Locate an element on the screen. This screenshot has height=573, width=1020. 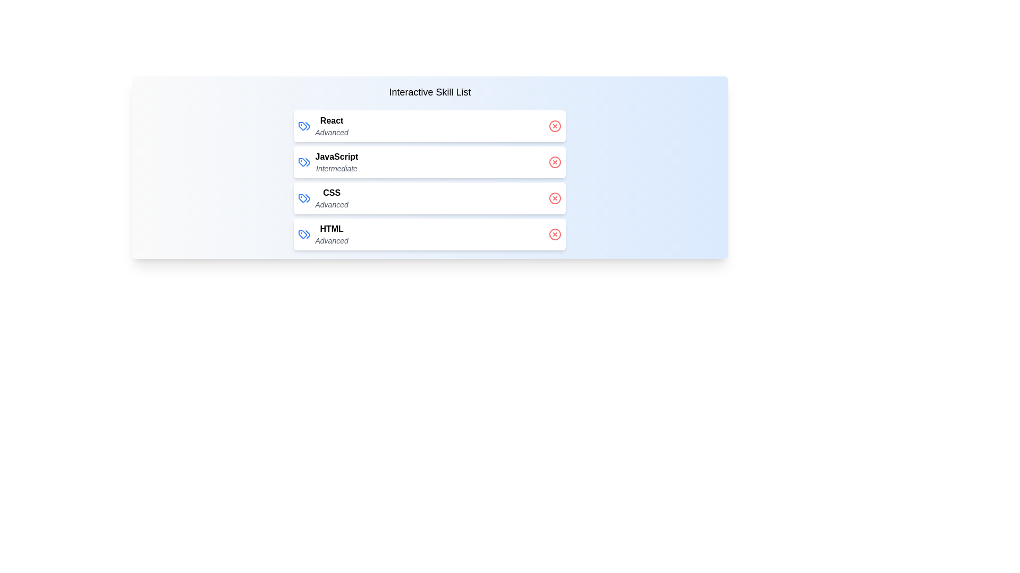
the delete button for the skill JavaScript is located at coordinates (555, 162).